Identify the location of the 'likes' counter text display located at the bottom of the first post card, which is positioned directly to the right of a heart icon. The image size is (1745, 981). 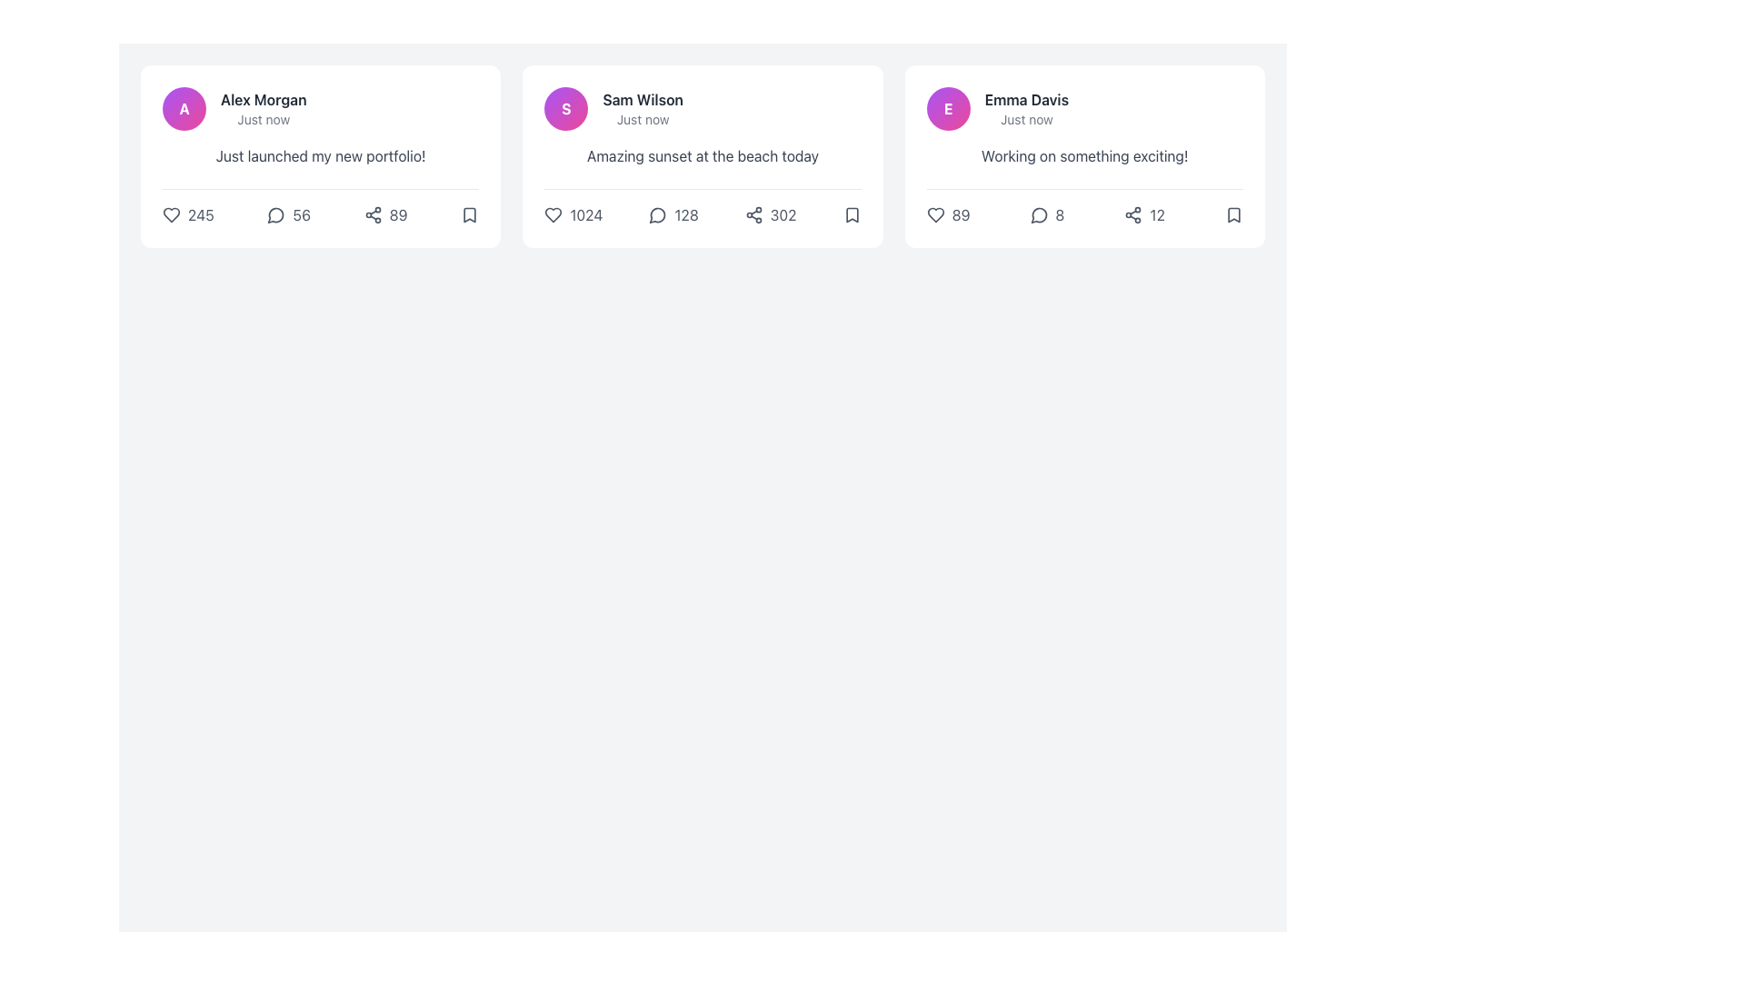
(201, 213).